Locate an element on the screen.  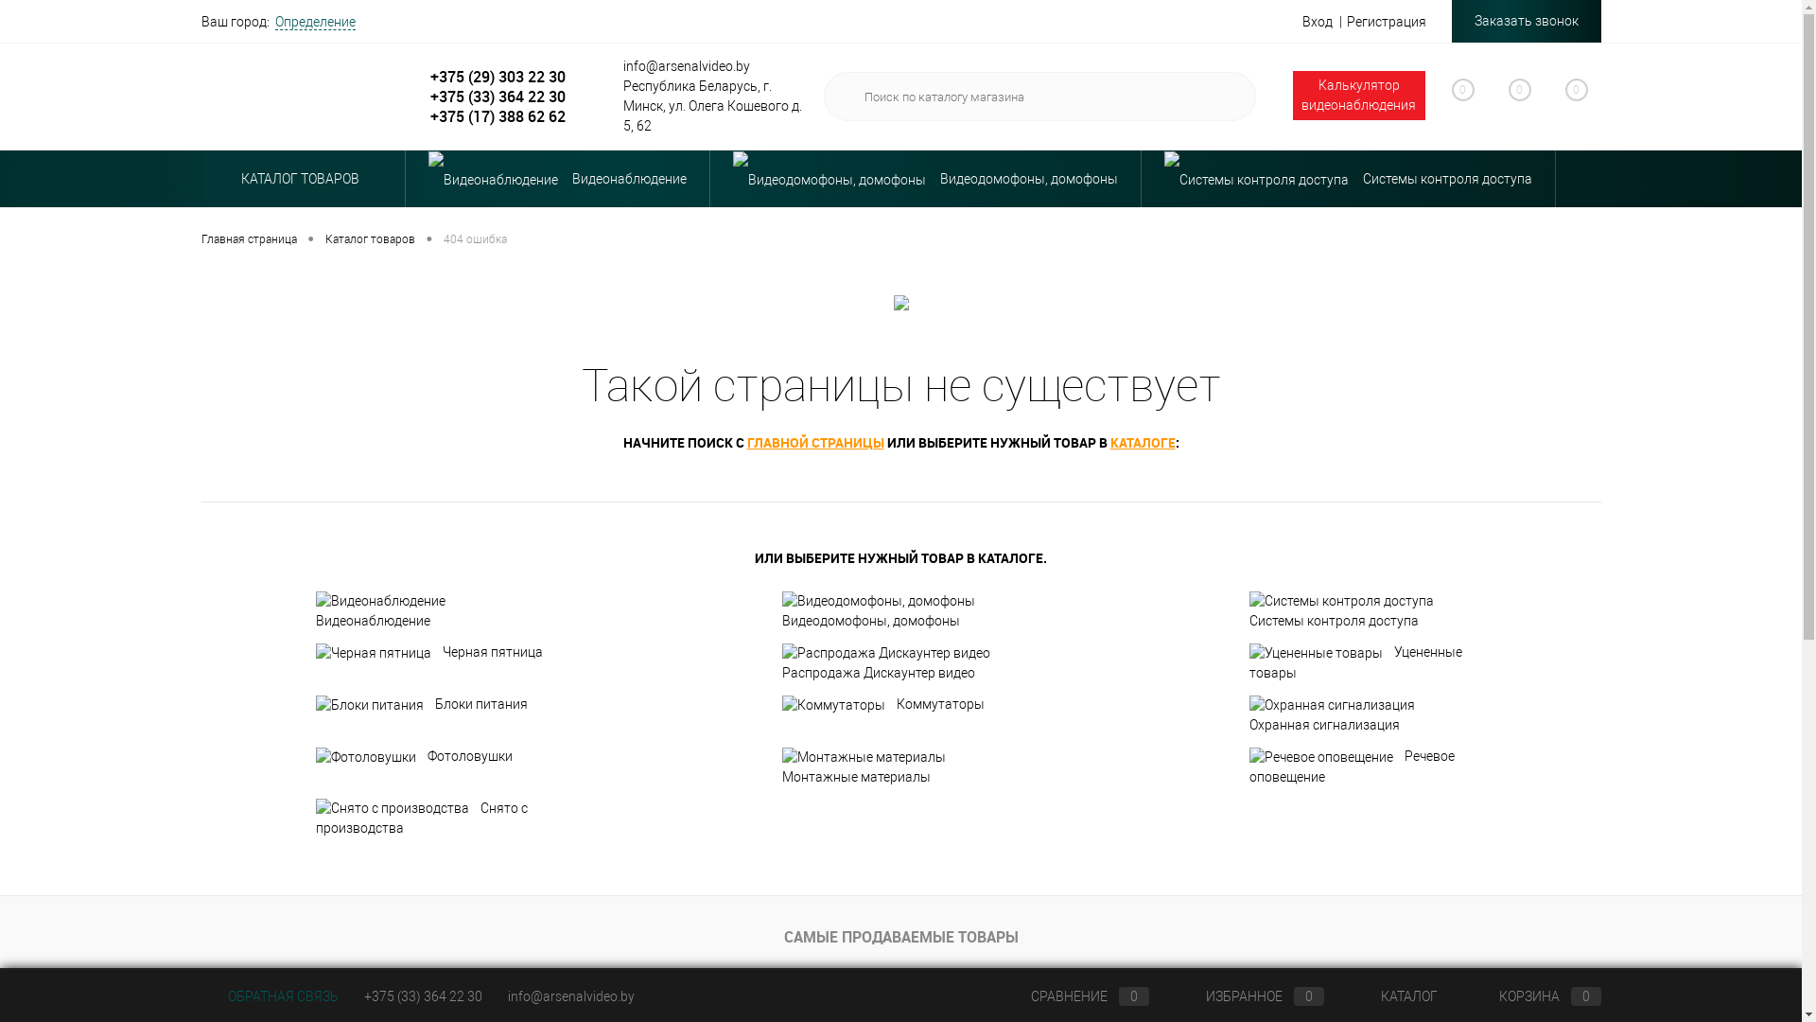
'info@arsenalvideo.by' is located at coordinates (569, 996).